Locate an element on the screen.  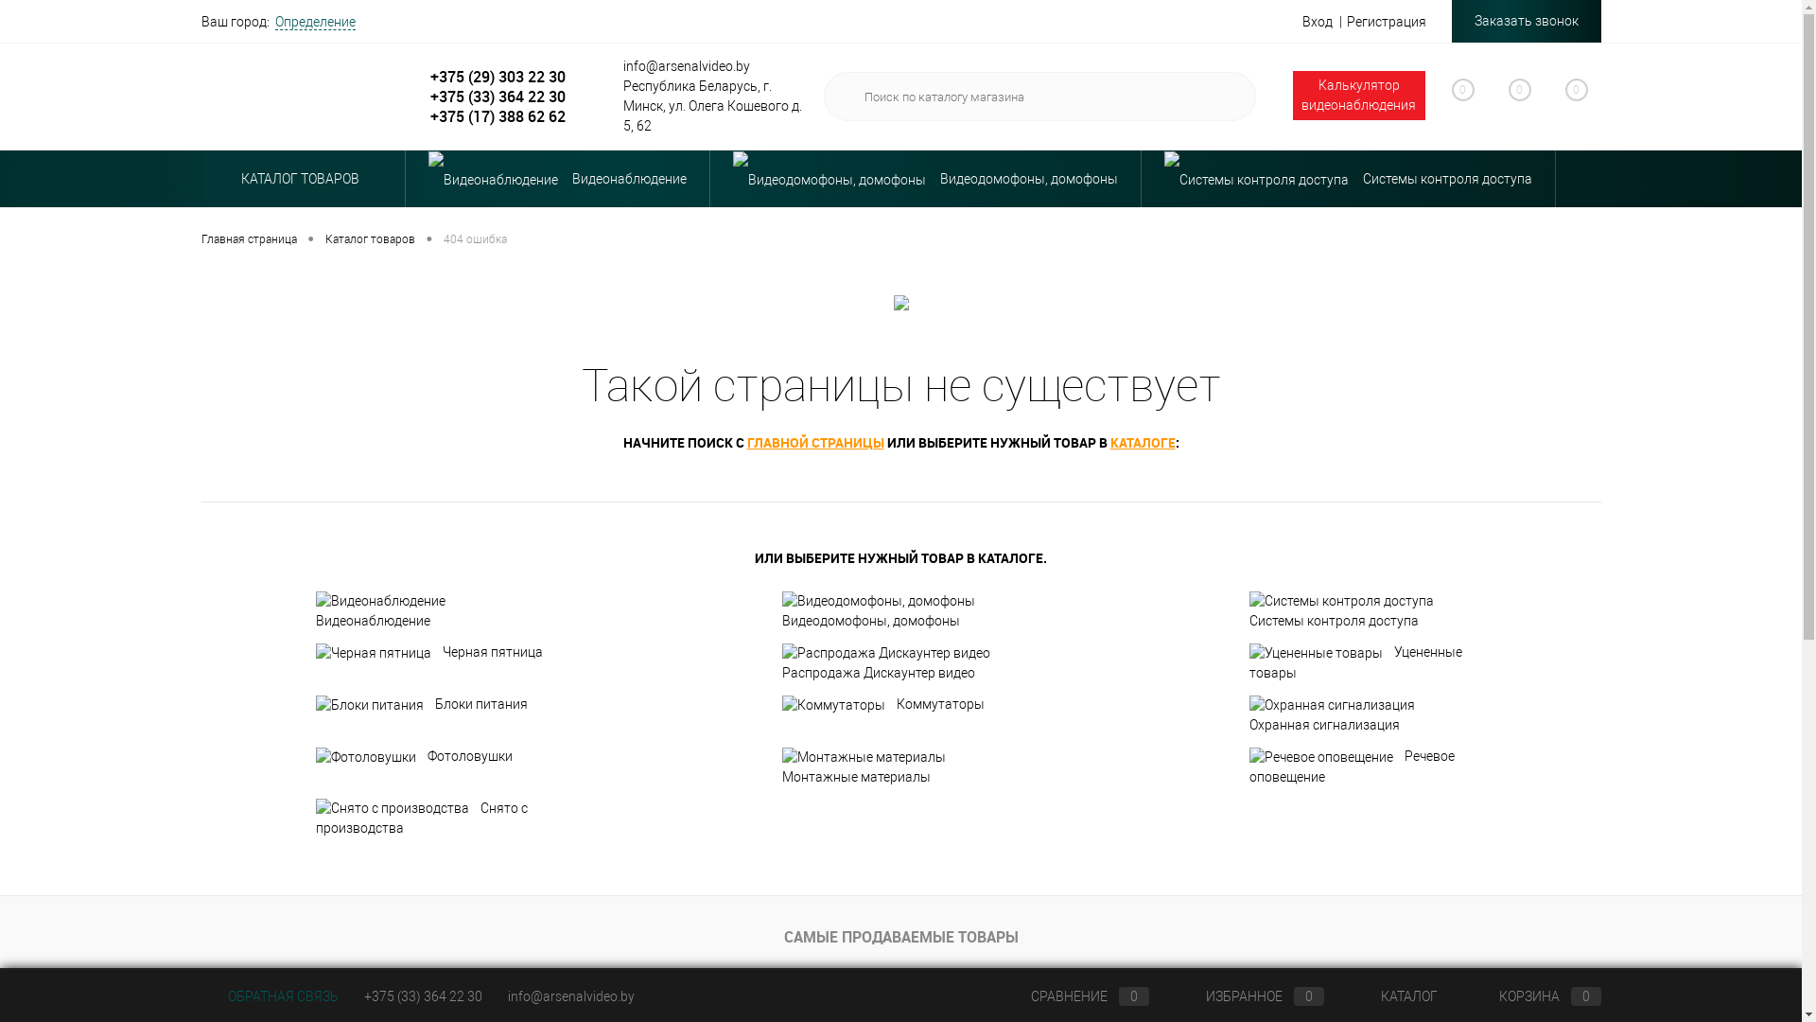
'info@arsenalvideo.by' is located at coordinates (569, 996).